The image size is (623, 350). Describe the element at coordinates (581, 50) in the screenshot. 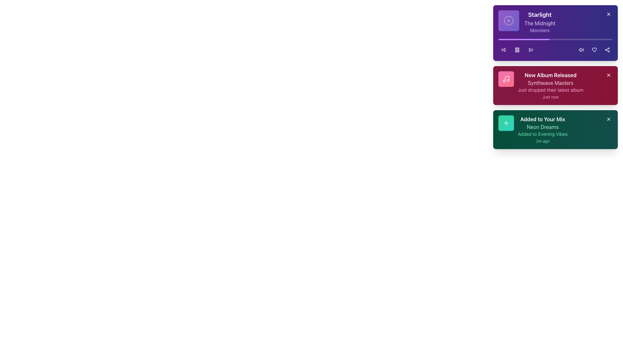

I see `the volume control icon, which resembles a speaker emitting sound waves, located in the topmost card of the notification section` at that location.